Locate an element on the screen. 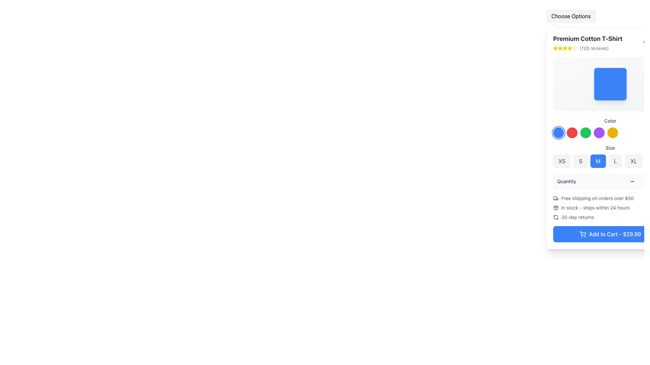 The image size is (650, 365). the text label that indicates the availability and shipping timeline of the product, located below the 'Free shipping on orders over $50' bullet point is located at coordinates (595, 207).